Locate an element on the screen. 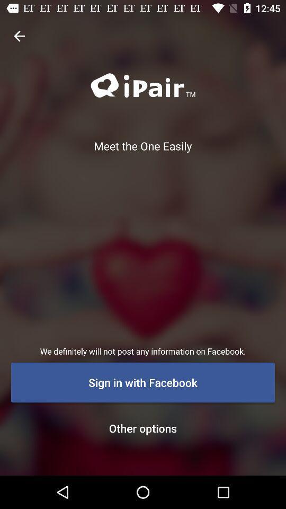  icon above the other options icon is located at coordinates (143, 382).